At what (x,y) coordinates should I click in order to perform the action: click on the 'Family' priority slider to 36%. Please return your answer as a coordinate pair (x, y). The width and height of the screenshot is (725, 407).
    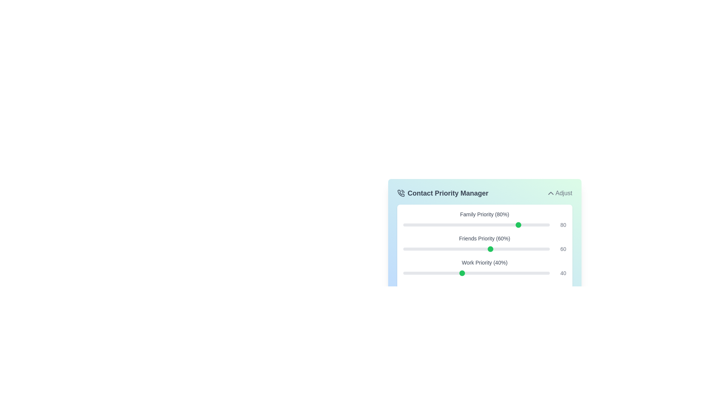
    Looking at the image, I should click on (455, 225).